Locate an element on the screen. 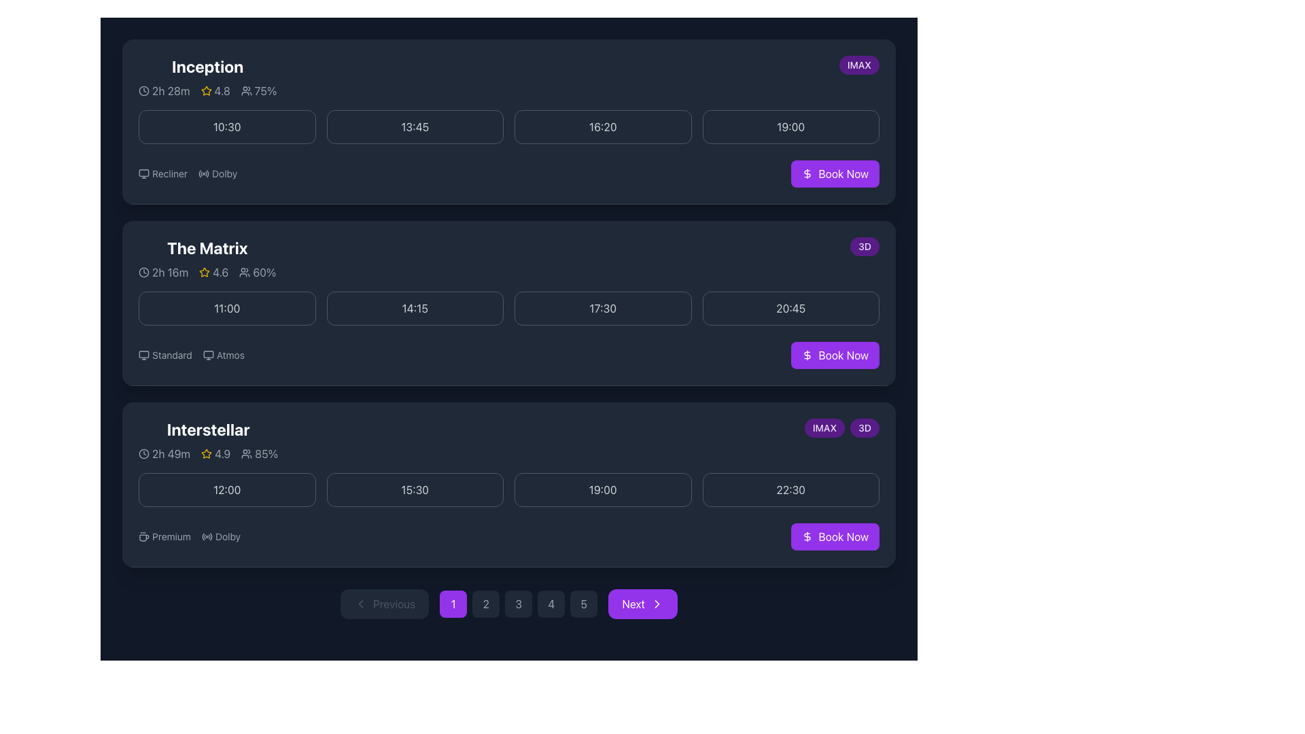 This screenshot has height=734, width=1305. the title of the informational display panel for the movie 'Interstellar' is located at coordinates (207, 440).